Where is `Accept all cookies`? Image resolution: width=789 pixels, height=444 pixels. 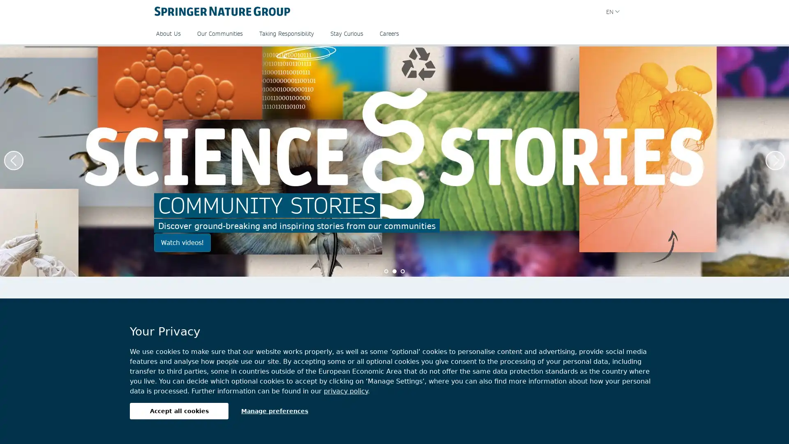
Accept all cookies is located at coordinates (179, 411).